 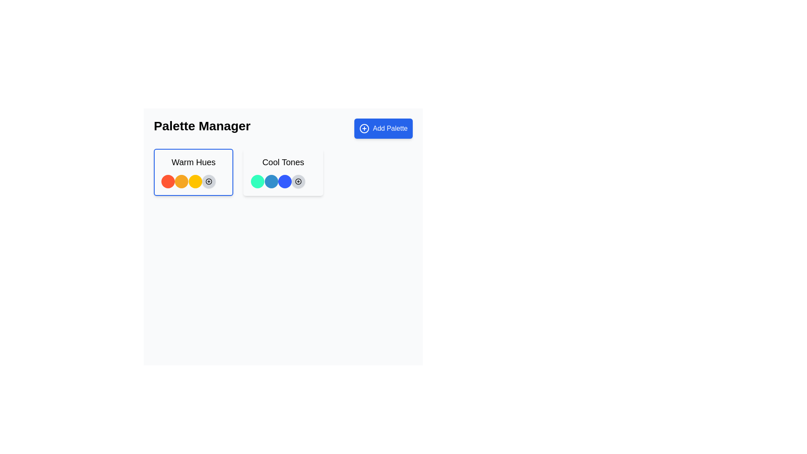 What do you see at coordinates (283, 181) in the screenshot?
I see `the third circular color indicator in the 'Cool Tones' palette card` at bounding box center [283, 181].